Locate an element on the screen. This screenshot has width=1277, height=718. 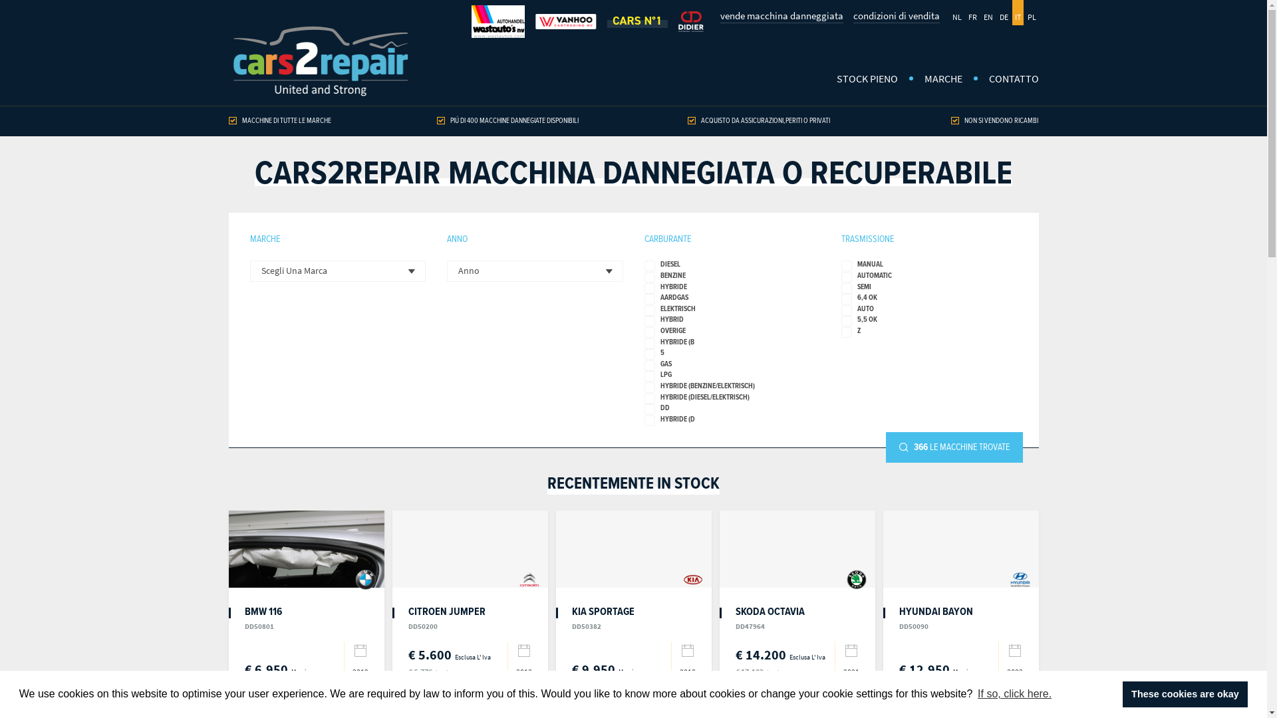
'IT' is located at coordinates (1011, 13).